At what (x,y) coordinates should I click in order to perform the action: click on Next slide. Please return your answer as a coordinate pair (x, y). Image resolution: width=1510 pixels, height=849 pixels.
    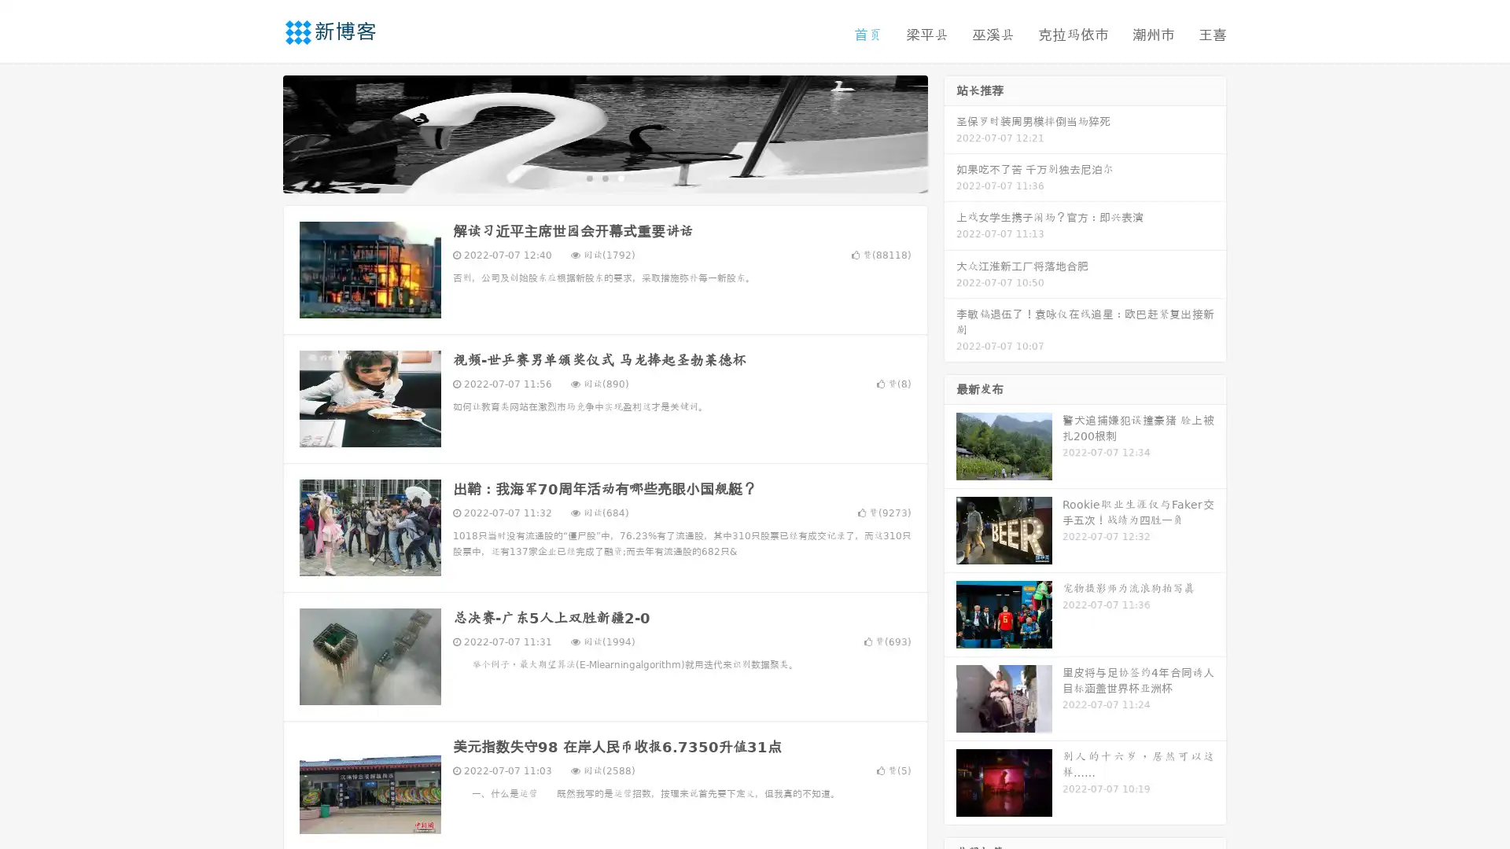
    Looking at the image, I should click on (950, 132).